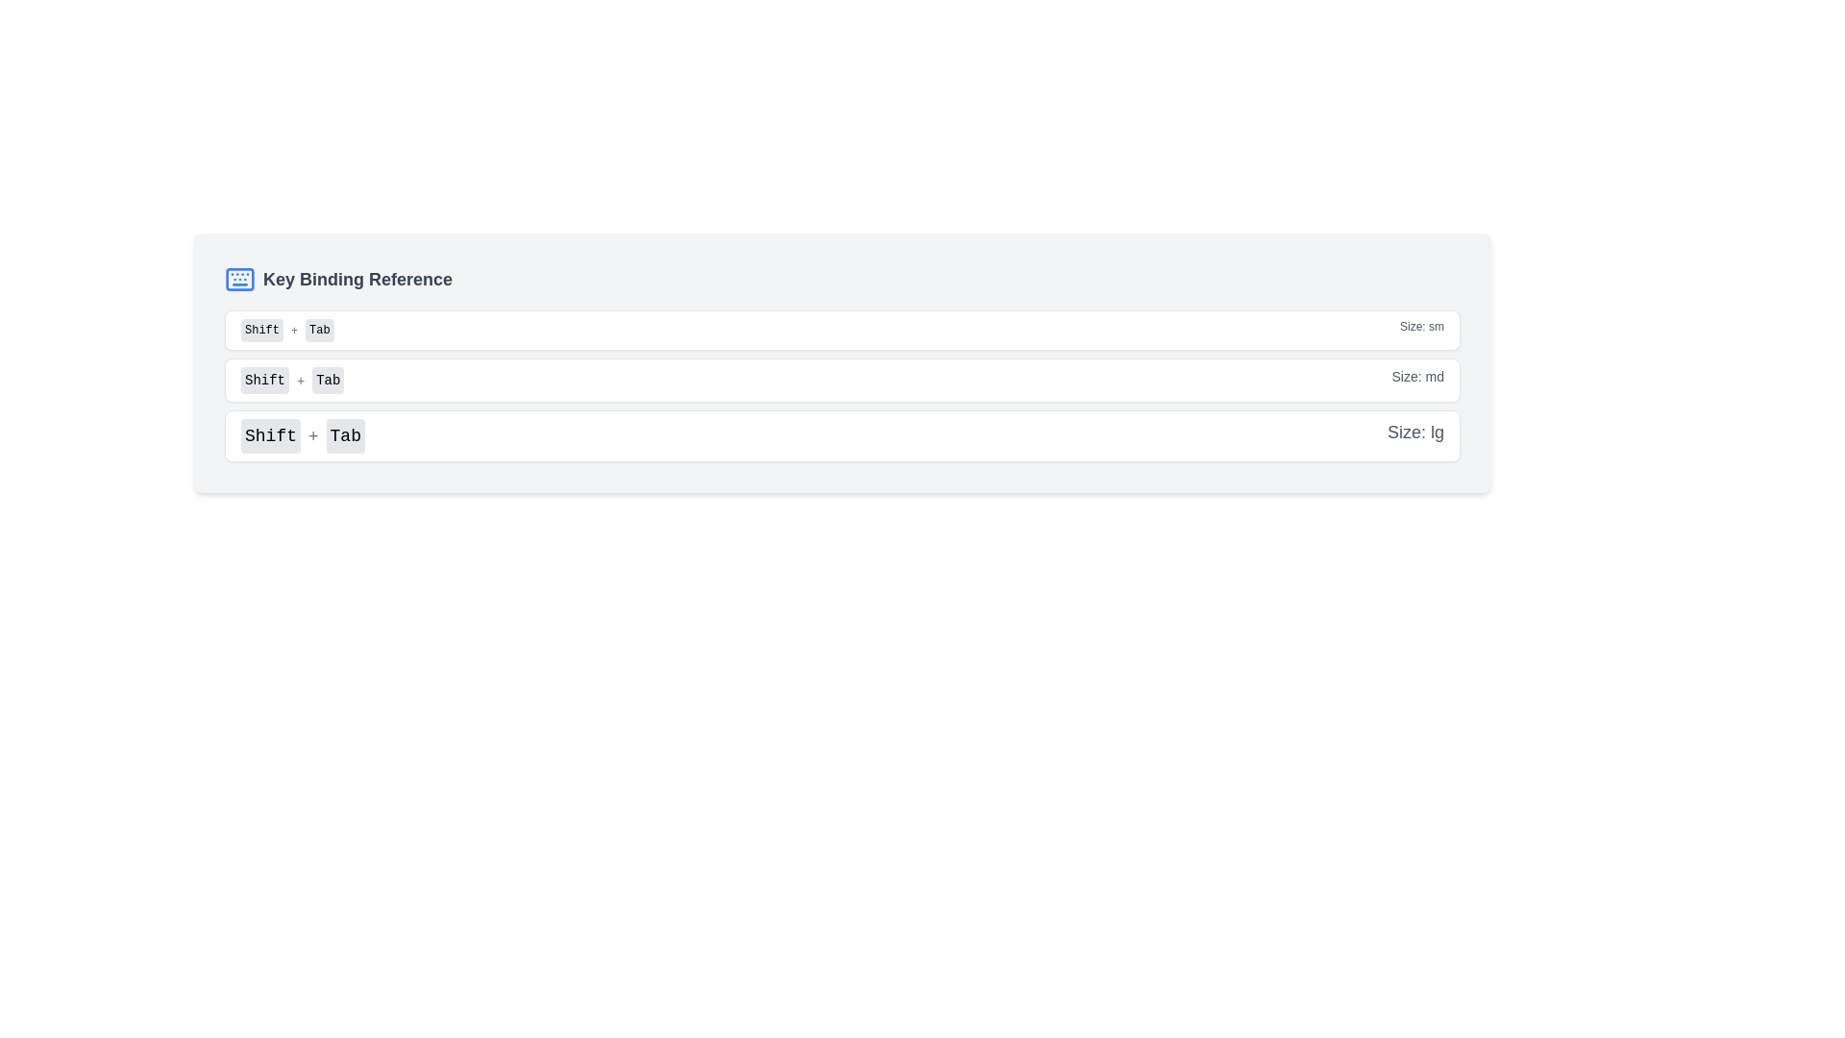 The height and width of the screenshot is (1038, 1845). Describe the element at coordinates (261, 329) in the screenshot. I see `the non-interactive button representing the 'Shift' key located near the top section of the interface` at that location.